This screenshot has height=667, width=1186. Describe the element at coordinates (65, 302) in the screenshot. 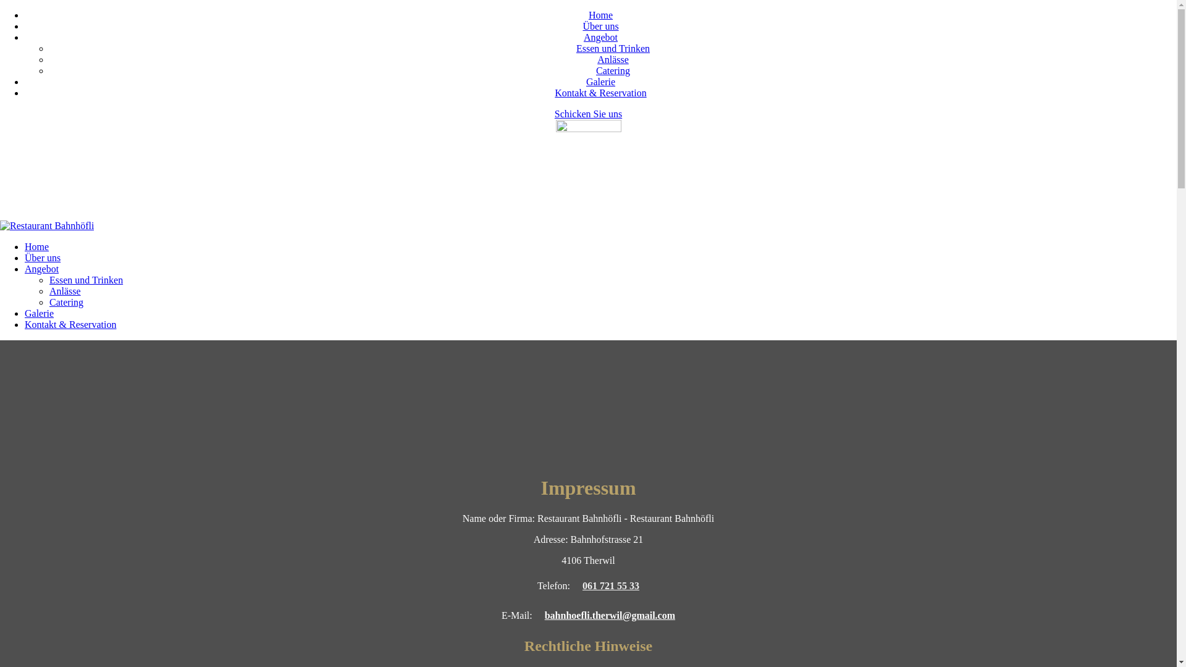

I see `'Catering'` at that location.